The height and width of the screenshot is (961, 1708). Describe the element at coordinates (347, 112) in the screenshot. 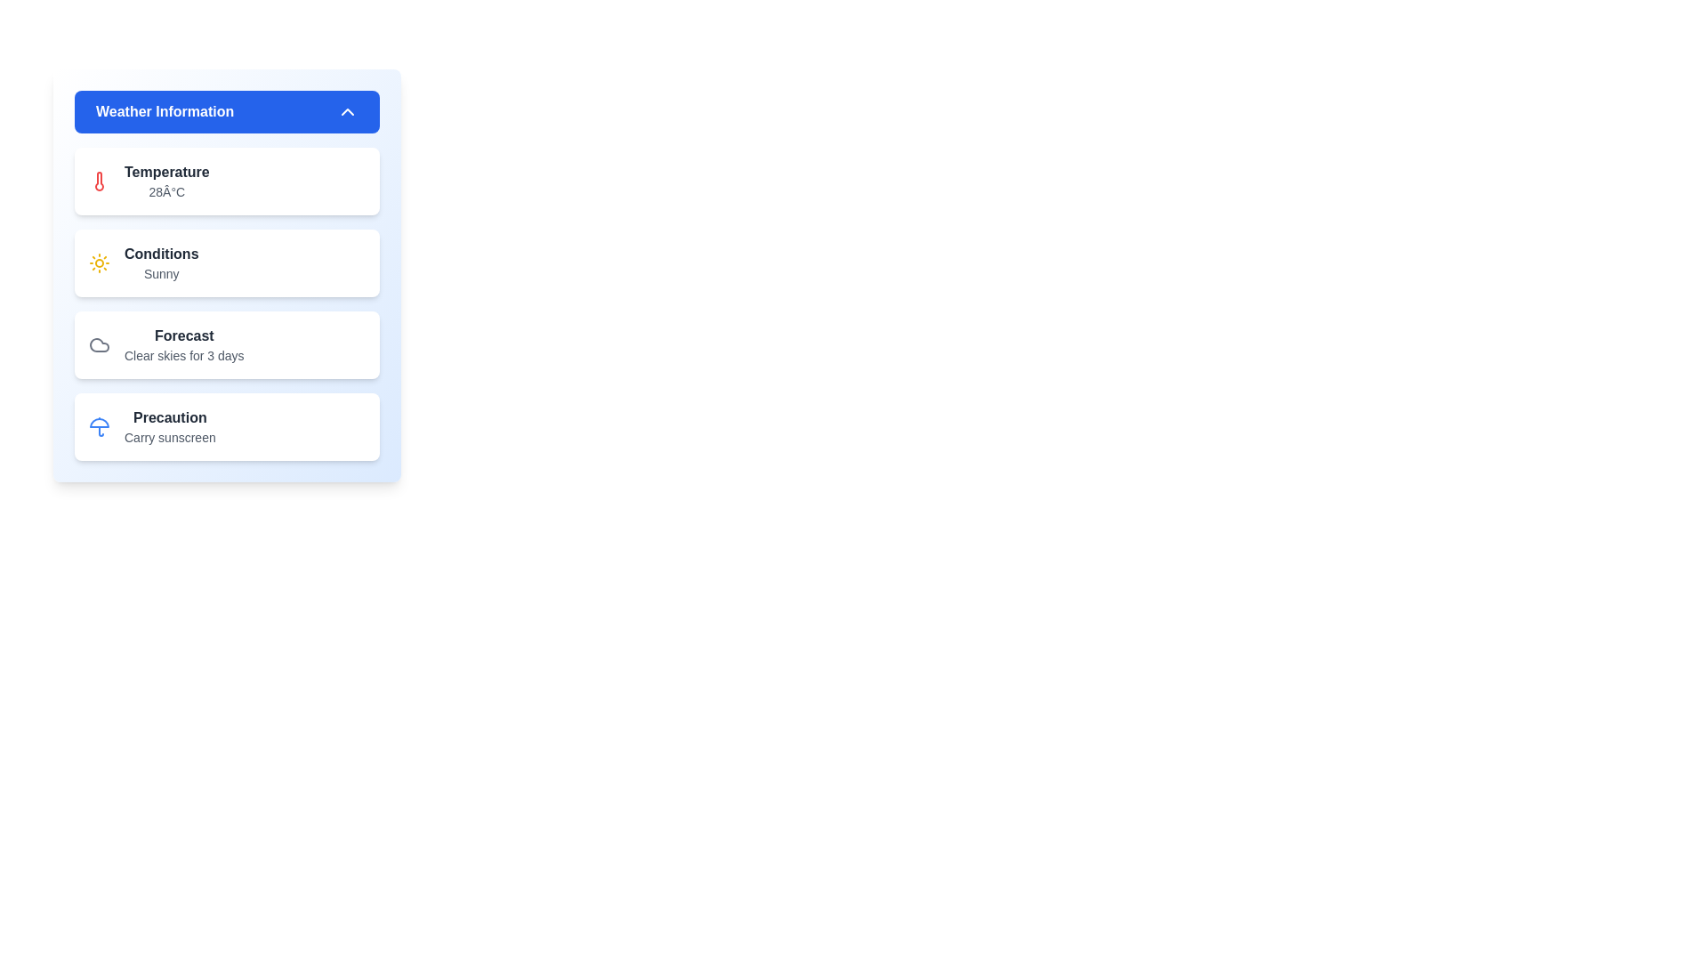

I see `the chevron-up icon located on the far-right side of the blue 'Weather Information' bar` at that location.